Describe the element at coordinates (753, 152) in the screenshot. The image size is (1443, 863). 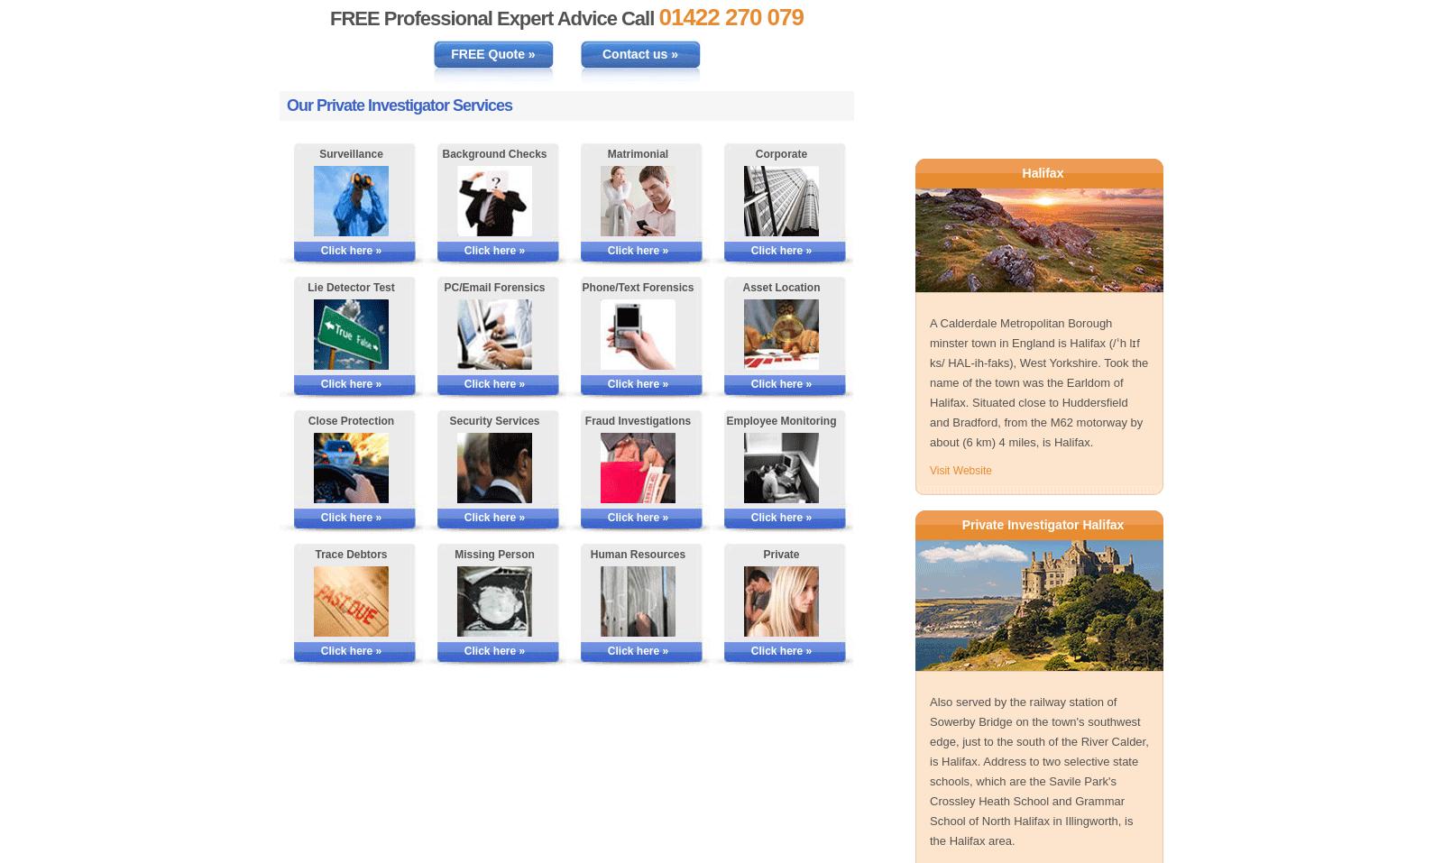
I see `'Corporate'` at that location.